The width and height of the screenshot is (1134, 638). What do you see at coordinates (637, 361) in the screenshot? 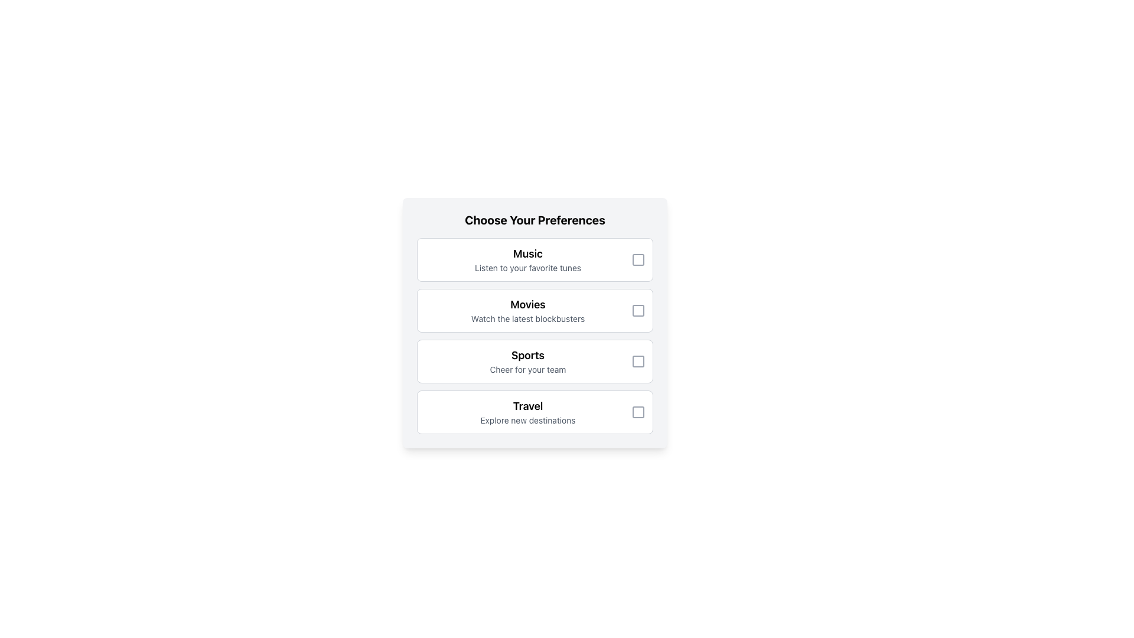
I see `the checkbox` at bounding box center [637, 361].